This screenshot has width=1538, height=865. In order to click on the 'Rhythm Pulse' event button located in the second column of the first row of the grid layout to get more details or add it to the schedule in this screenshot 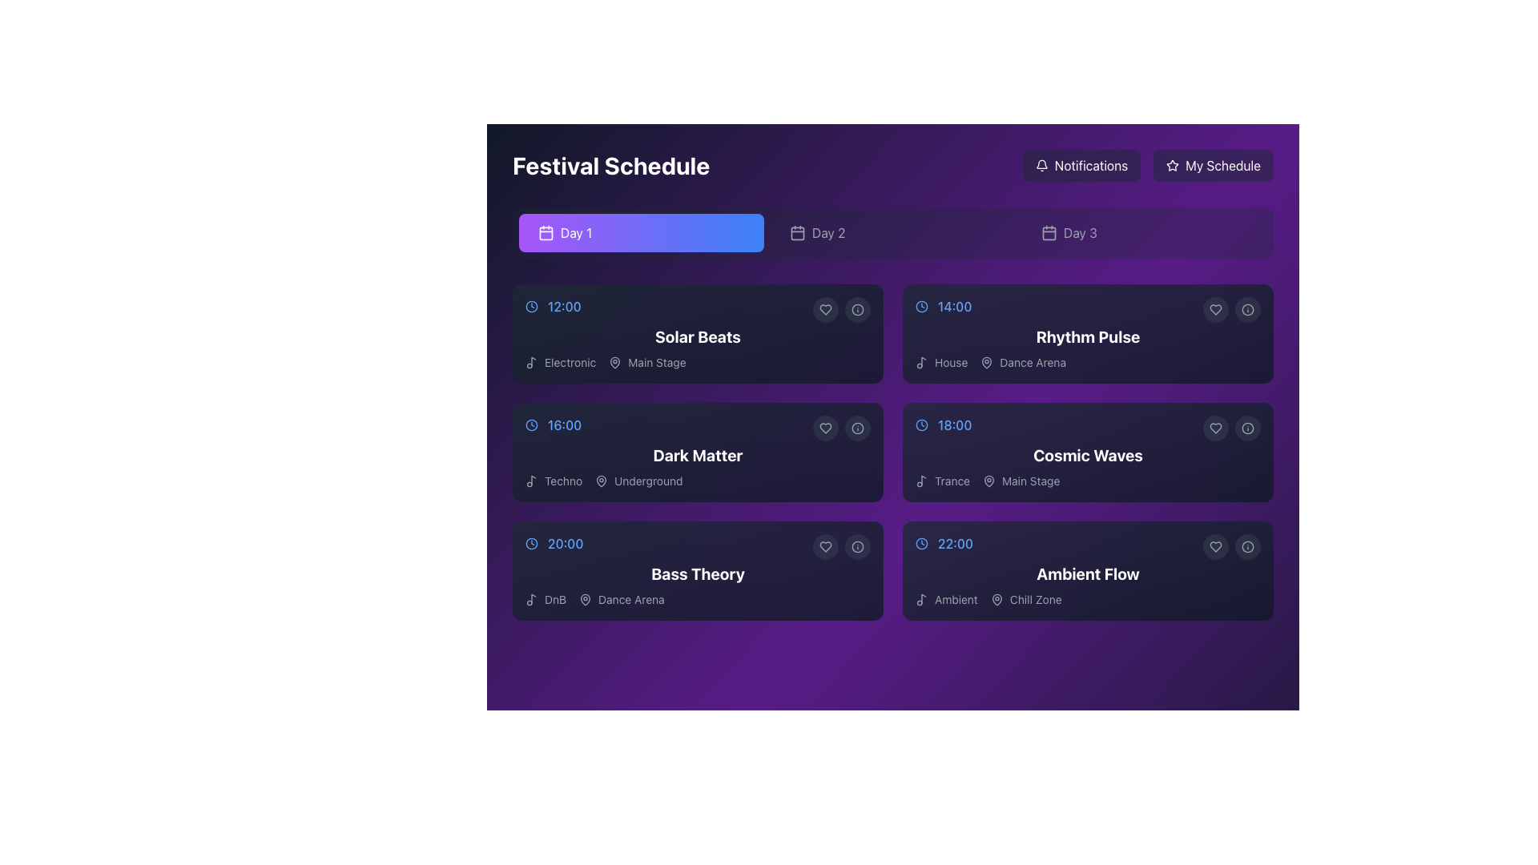, I will do `click(1088, 332)`.